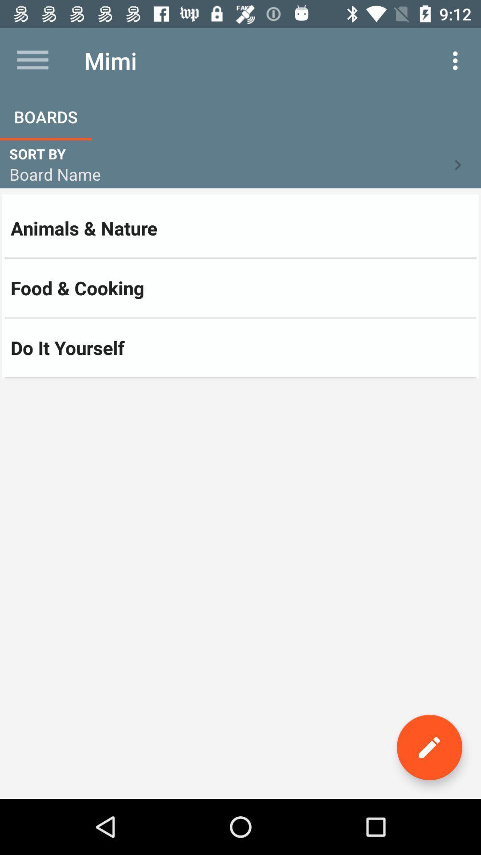 The width and height of the screenshot is (481, 855). What do you see at coordinates (429, 747) in the screenshot?
I see `the item at the bottom right corner` at bounding box center [429, 747].